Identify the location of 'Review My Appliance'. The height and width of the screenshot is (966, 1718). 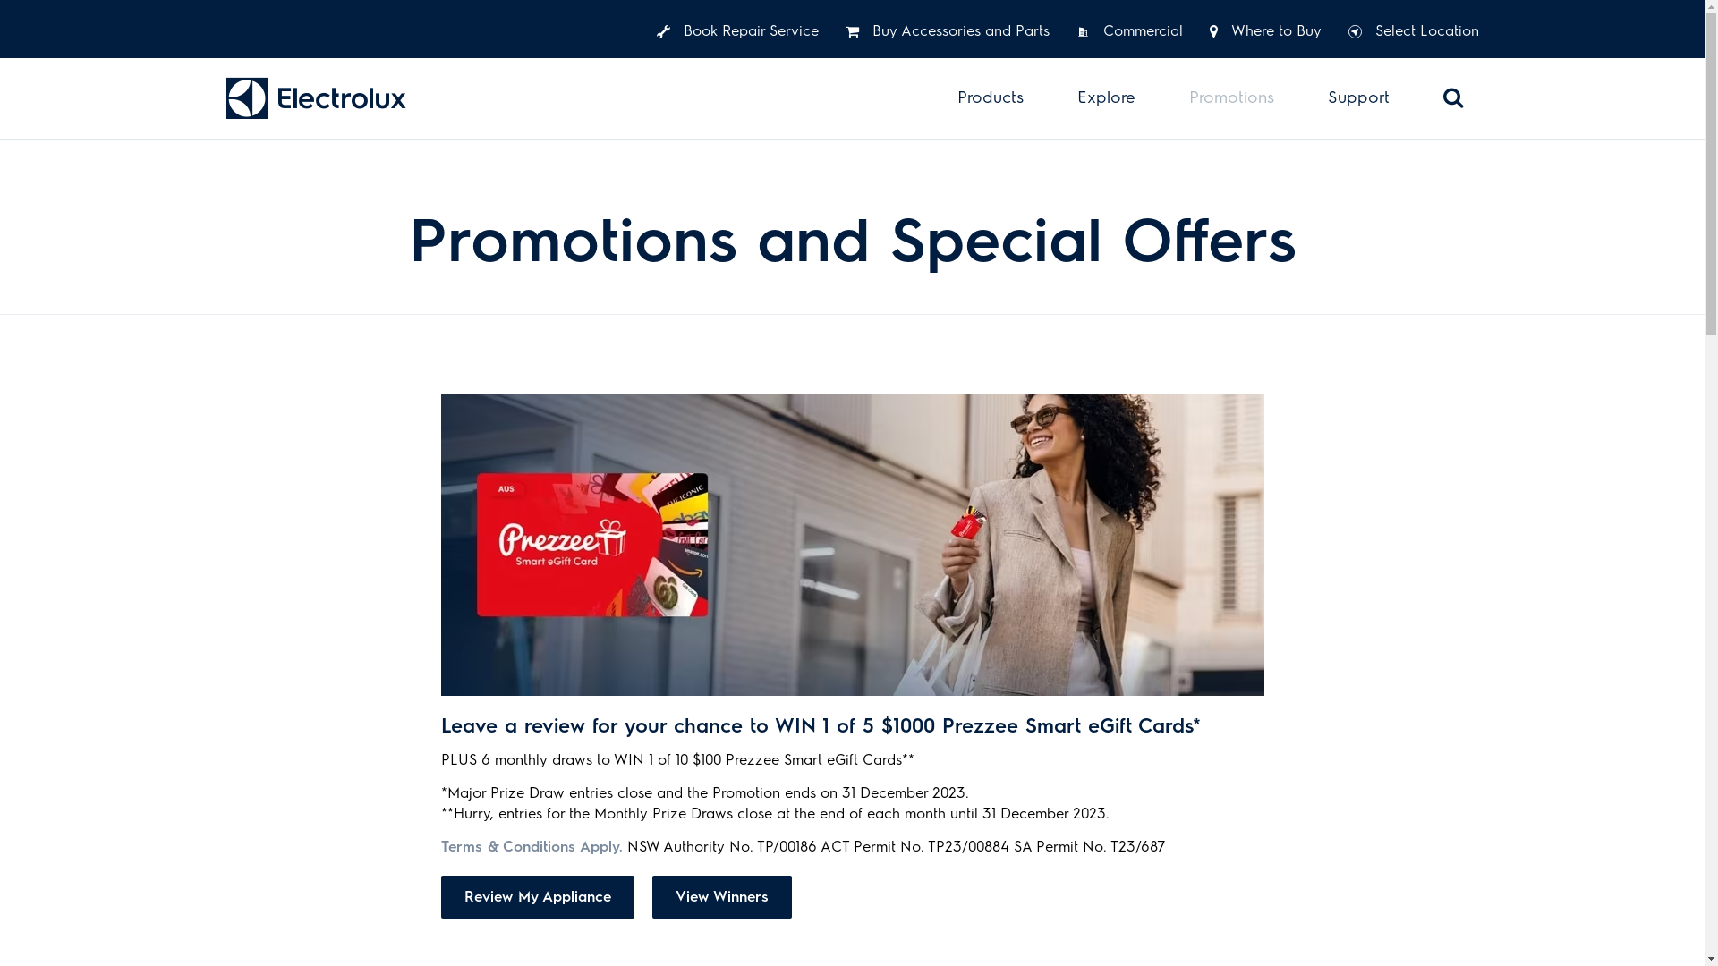
(439, 896).